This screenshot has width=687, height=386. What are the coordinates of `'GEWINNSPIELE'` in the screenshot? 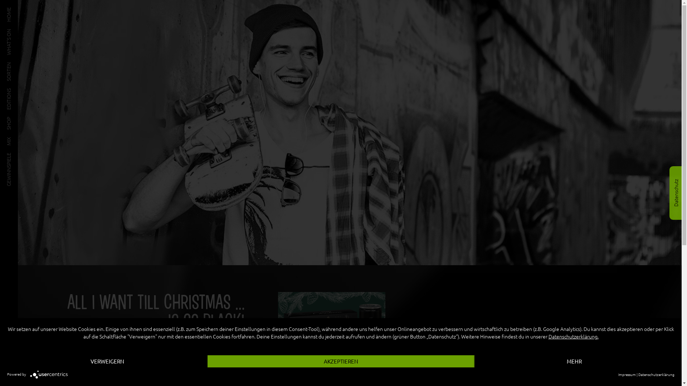 It's located at (23, 155).